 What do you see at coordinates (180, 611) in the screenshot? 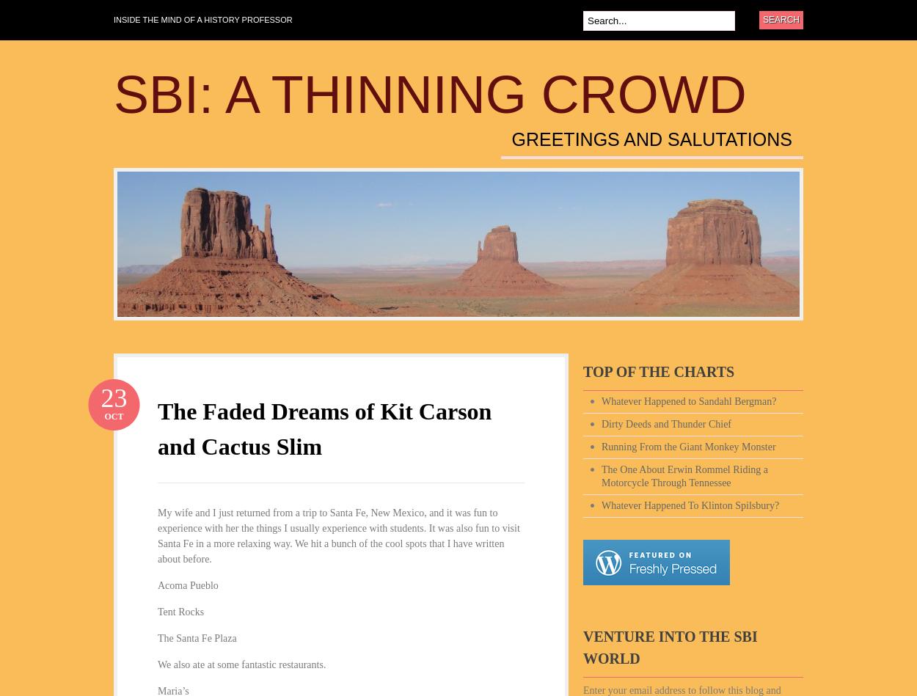
I see `'Tent Rocks'` at bounding box center [180, 611].